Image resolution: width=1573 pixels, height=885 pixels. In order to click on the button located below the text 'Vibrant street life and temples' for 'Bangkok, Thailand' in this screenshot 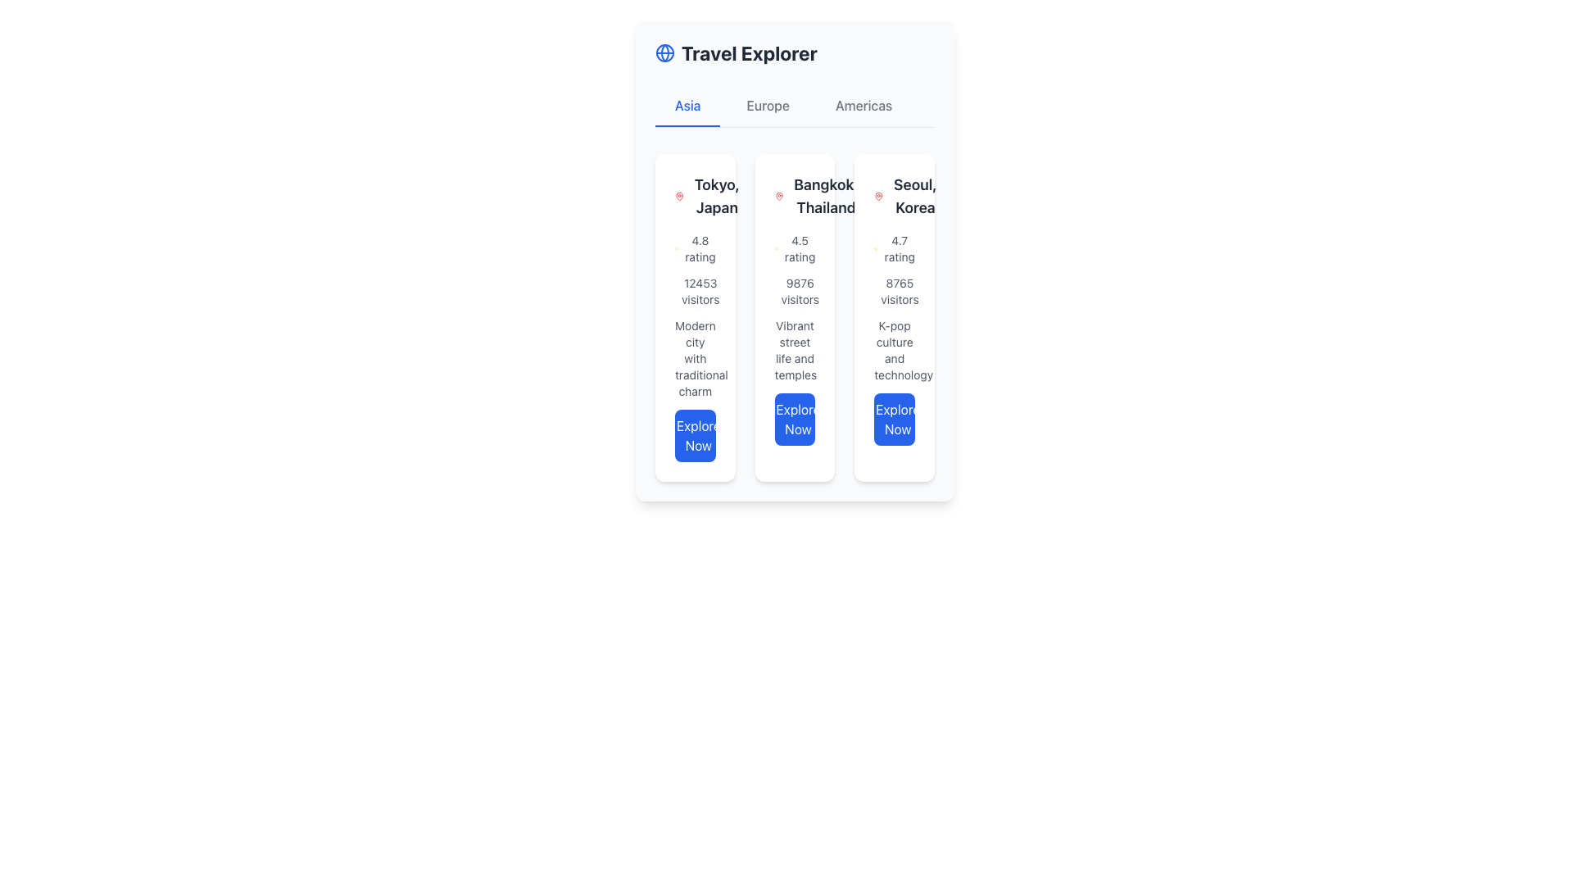, I will do `click(795, 419)`.